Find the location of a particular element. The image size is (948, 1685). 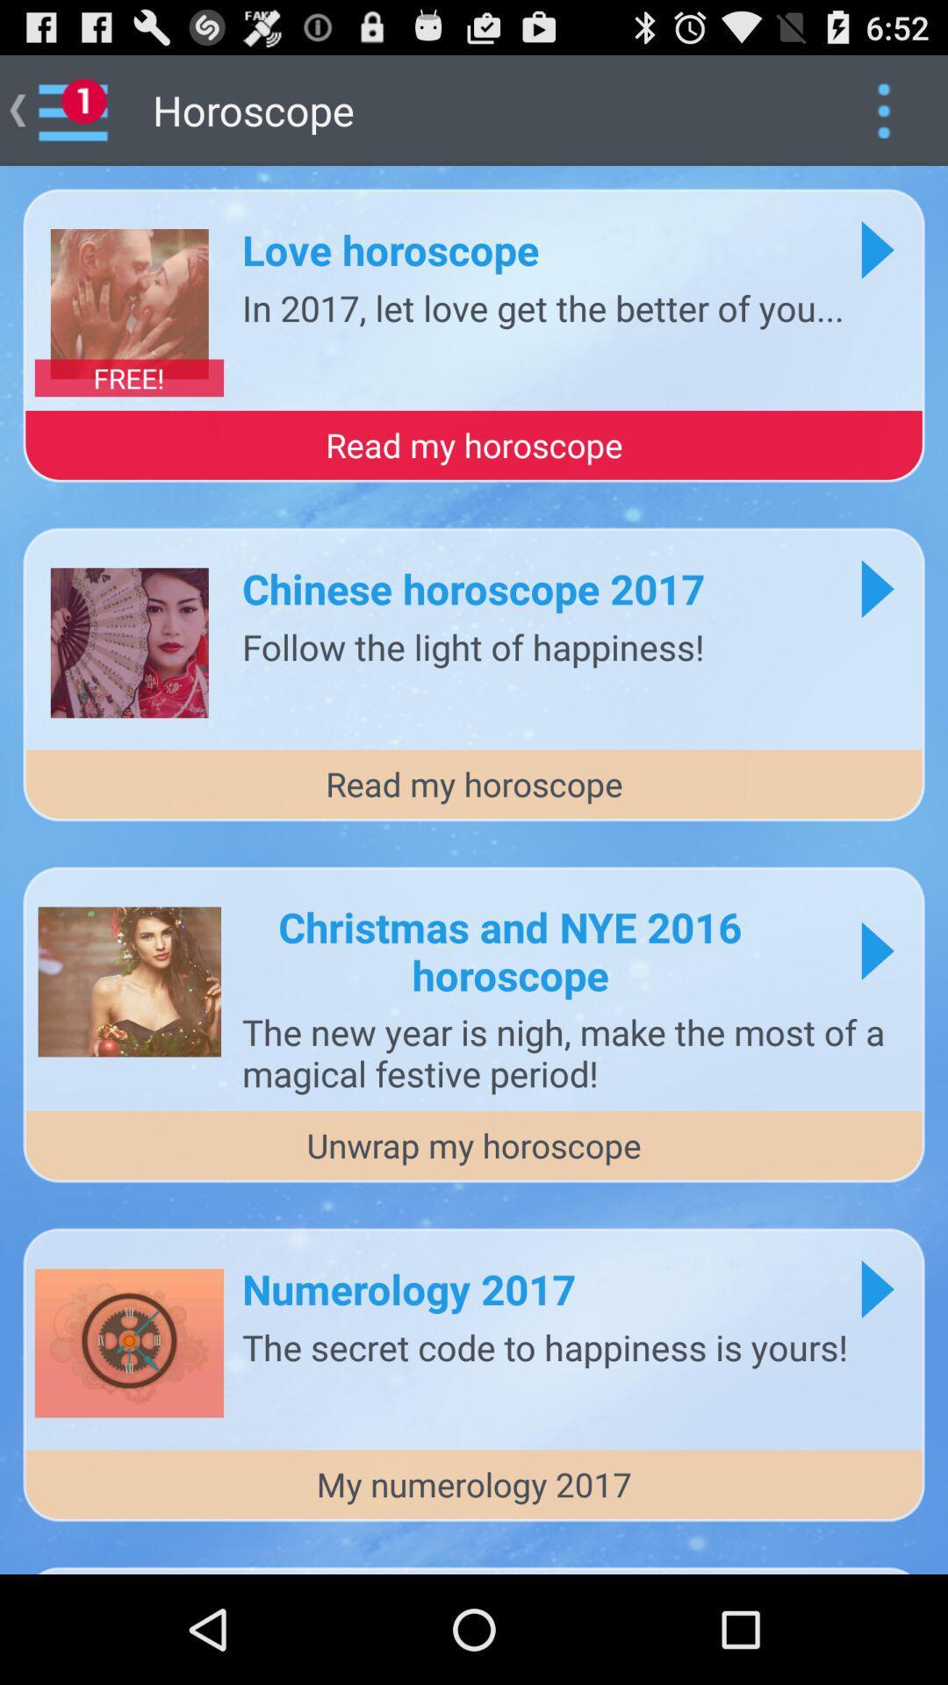

icon below the read my horoscope item is located at coordinates (510, 950).